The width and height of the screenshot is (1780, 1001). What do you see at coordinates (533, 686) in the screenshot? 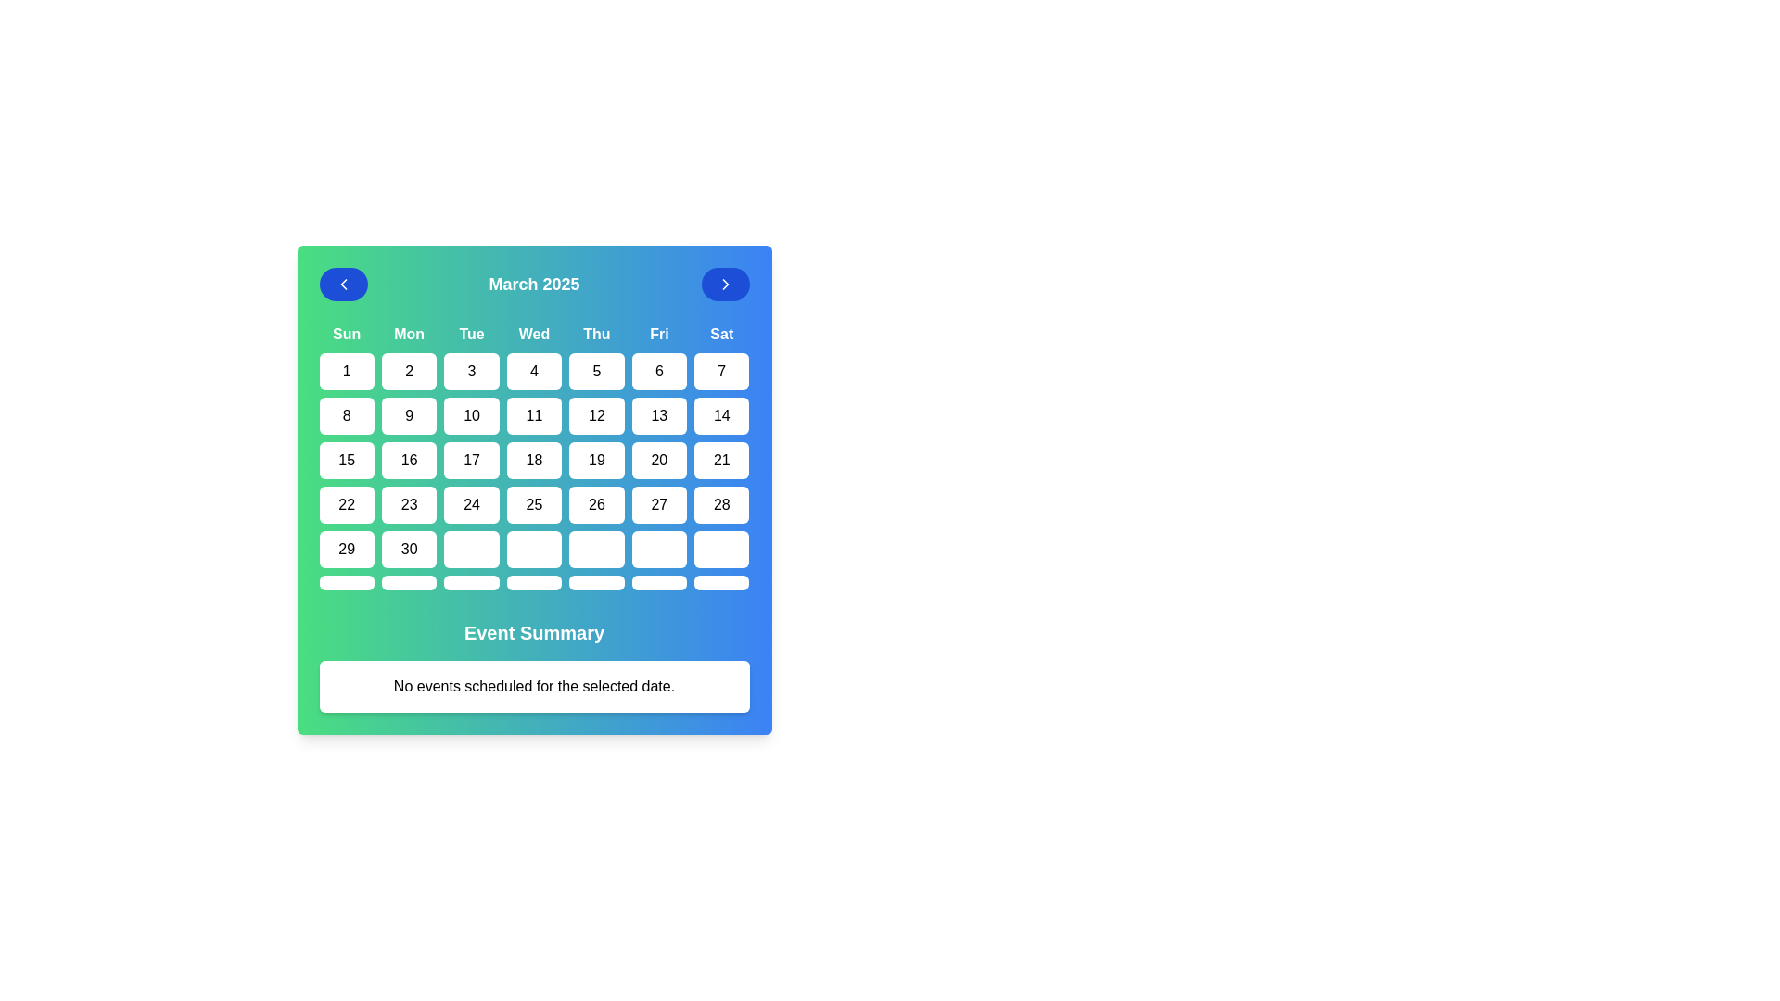
I see `information displayed in the text block that indicates there are no events scheduled for the currently selected date on the calendar` at bounding box center [533, 686].